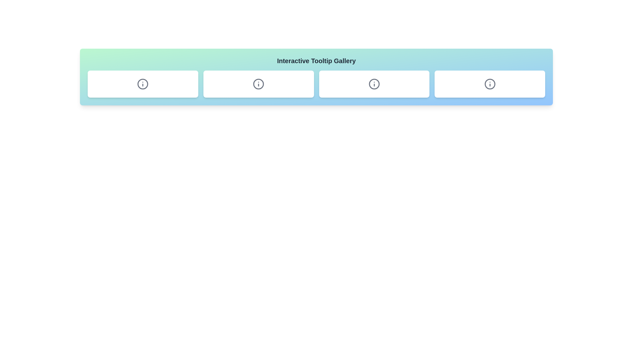 The height and width of the screenshot is (348, 619). I want to click on the outer circular outline of the information icon, which is represented by an SVG Circle and serves as the bounding graphic for smaller details, so click(374, 84).